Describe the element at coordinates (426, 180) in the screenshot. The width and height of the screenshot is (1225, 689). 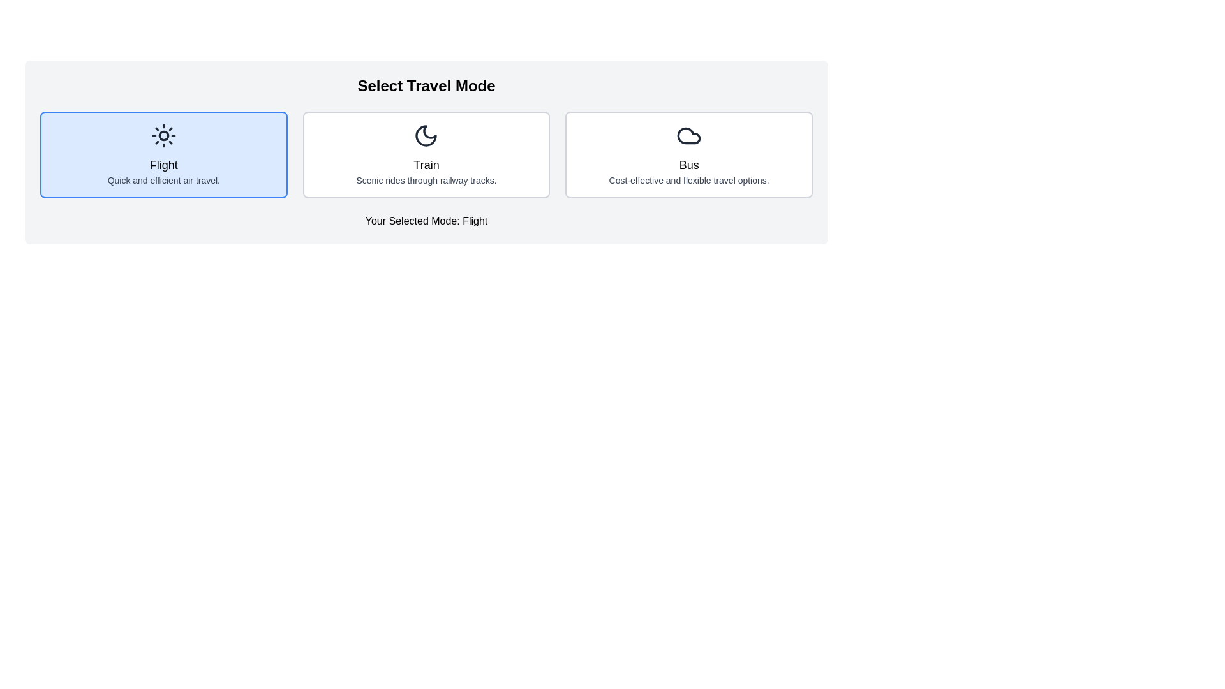
I see `the descriptive text for the 'Train' option, located below the 'Train' label in the middle box of the travel mode selection row` at that location.